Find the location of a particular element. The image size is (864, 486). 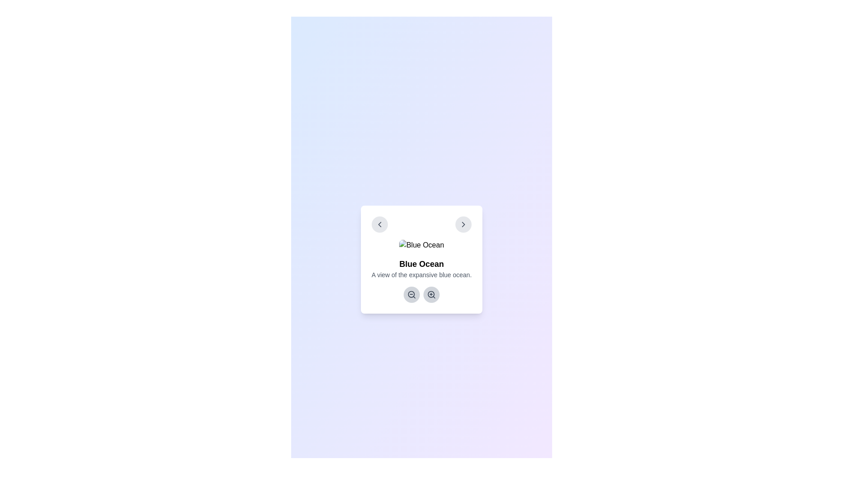

the filled circle that represents the lens of the magnifying glass icon with a plus symbol, located within the 'Blue Ocean' card component is located at coordinates (431, 294).